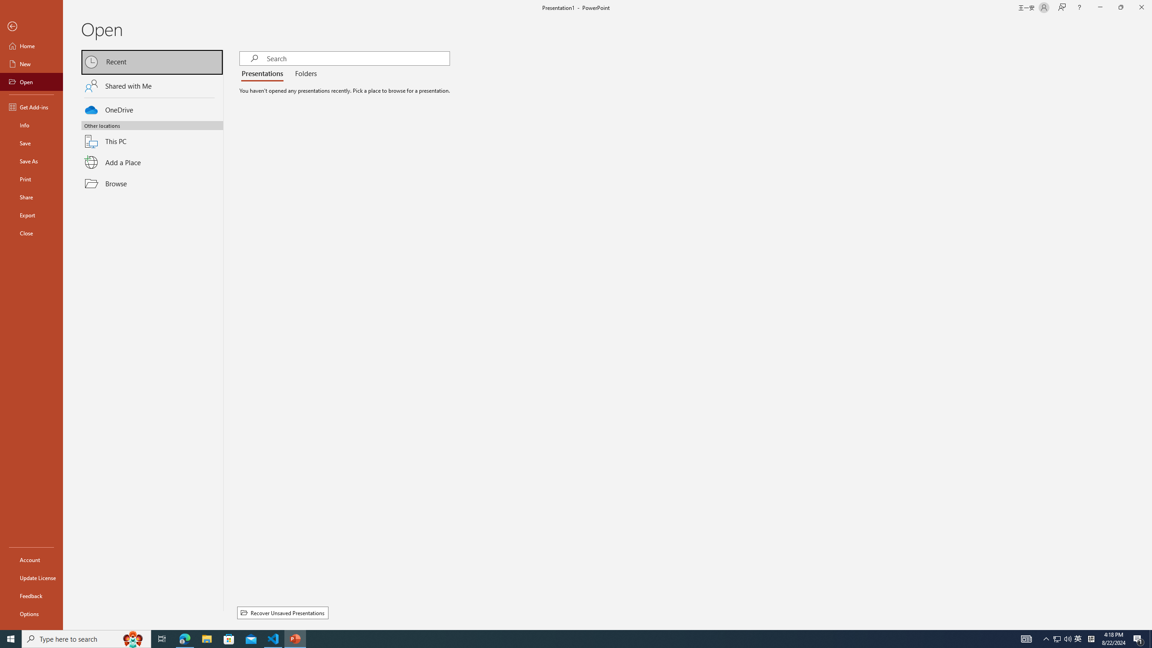 The height and width of the screenshot is (648, 1152). Describe the element at coordinates (31, 596) in the screenshot. I see `'Feedback'` at that location.